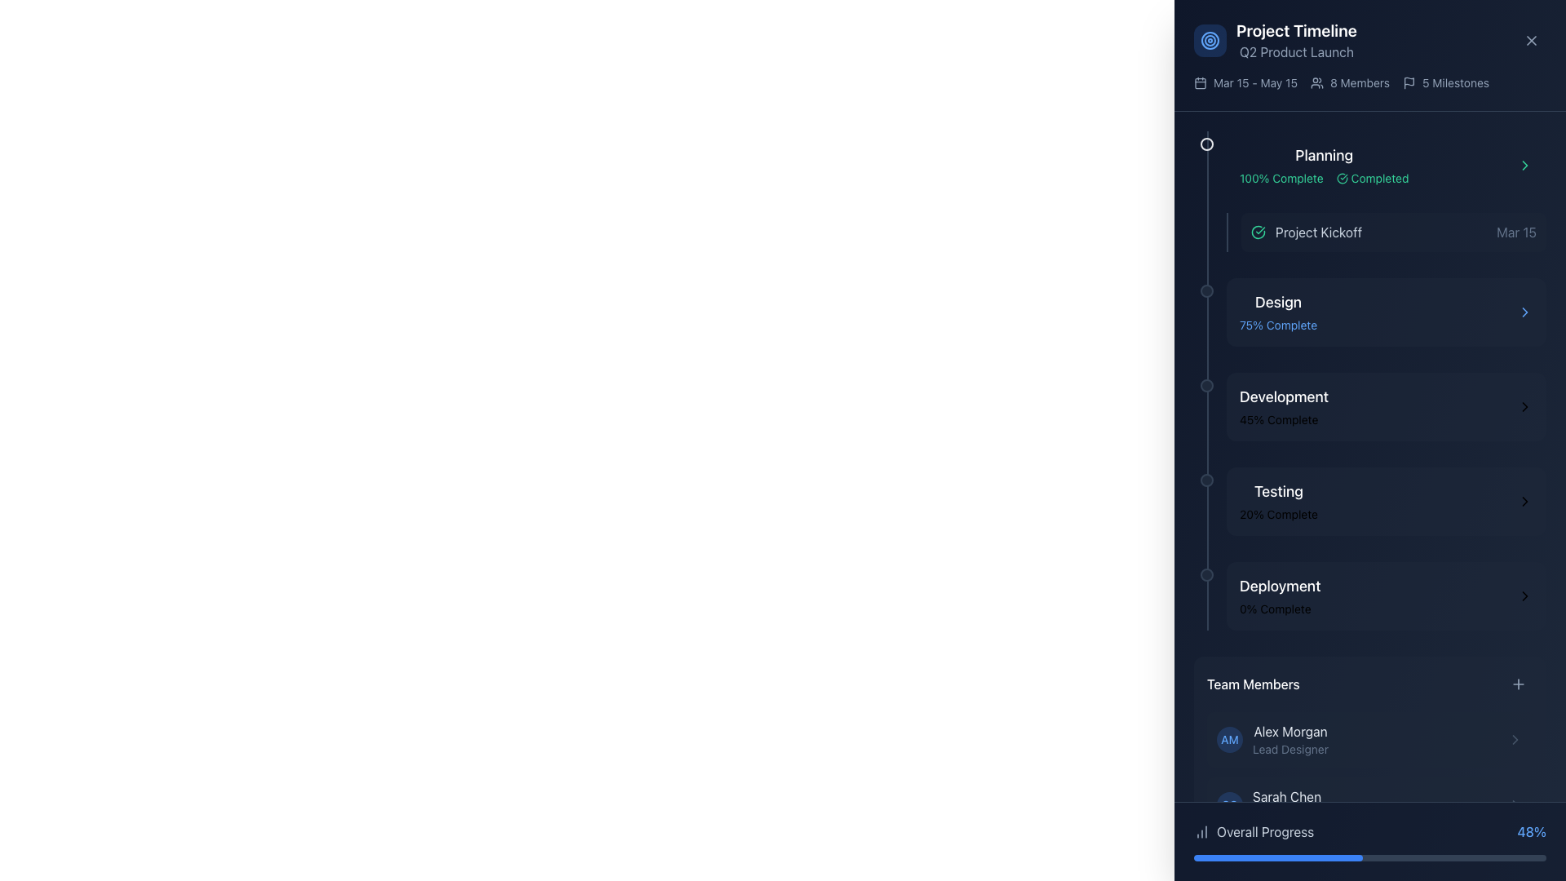 This screenshot has width=1566, height=881. What do you see at coordinates (1324, 166) in the screenshot?
I see `the Text Component displaying the title 'Planning' and the status message '100% Complete Completed', located under 'Project Timeline'` at bounding box center [1324, 166].